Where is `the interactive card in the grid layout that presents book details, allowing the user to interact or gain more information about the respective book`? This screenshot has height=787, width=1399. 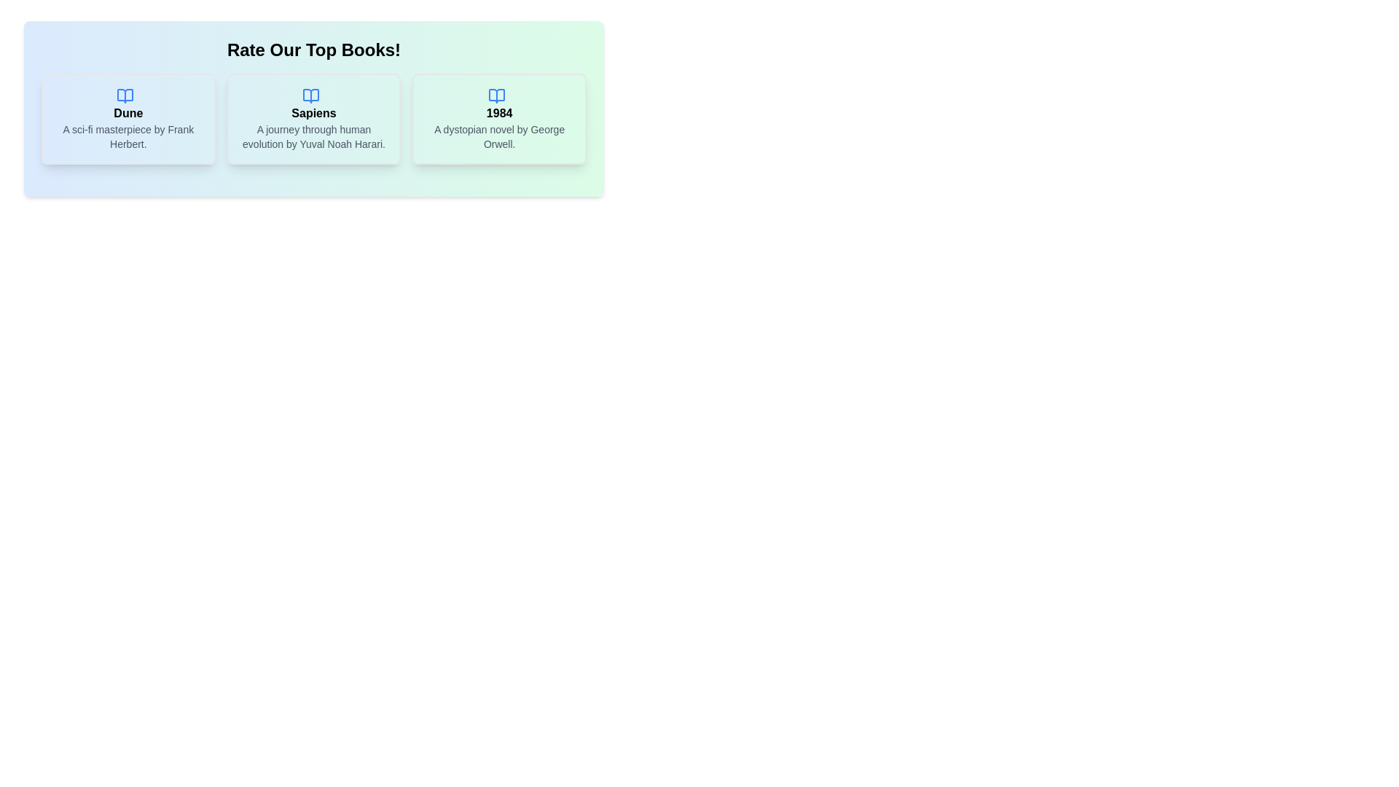 the interactive card in the grid layout that presents book details, allowing the user to interact or gain more information about the respective book is located at coordinates (313, 117).